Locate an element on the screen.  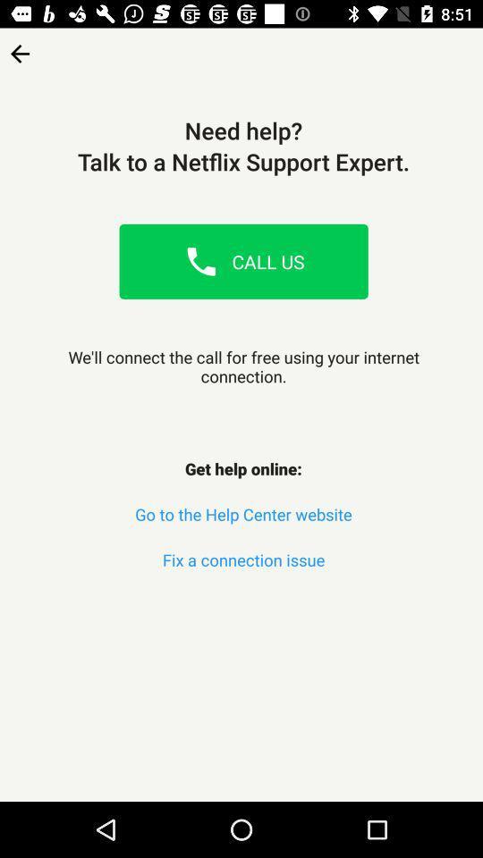
the fix a connection item is located at coordinates (242, 559).